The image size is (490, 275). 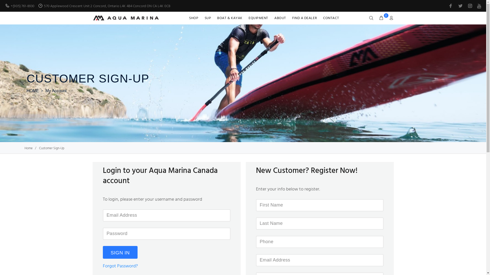 What do you see at coordinates (120, 252) in the screenshot?
I see `'SIGN IN'` at bounding box center [120, 252].